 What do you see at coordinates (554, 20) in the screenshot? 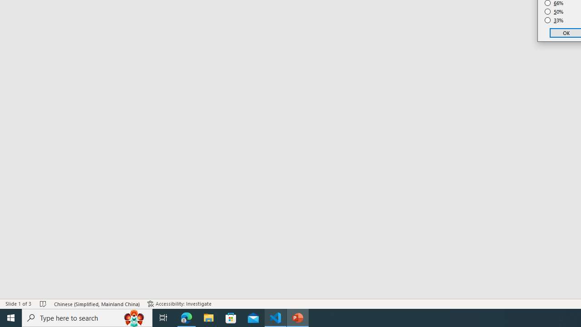
I see `'33%'` at bounding box center [554, 20].